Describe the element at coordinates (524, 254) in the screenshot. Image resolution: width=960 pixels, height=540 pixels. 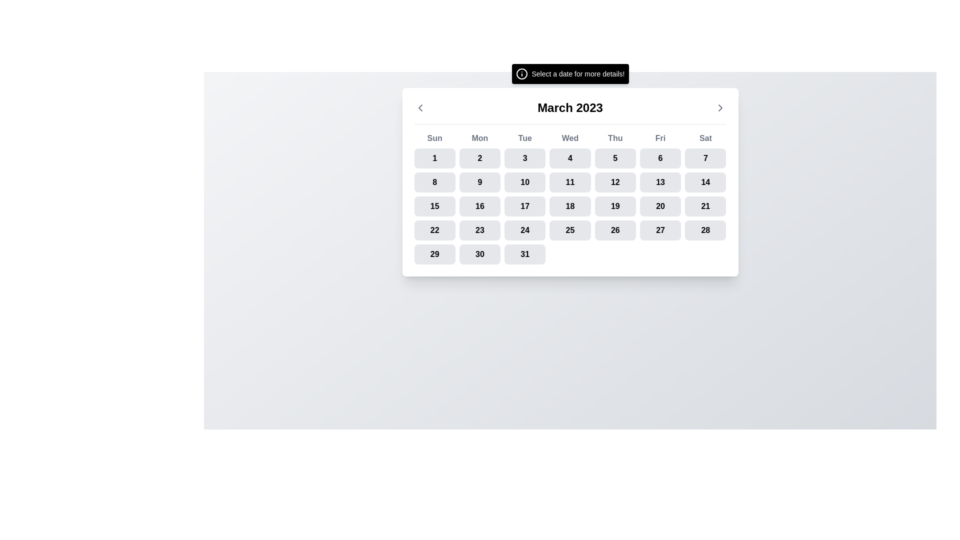
I see `the calendar date '31' button` at that location.